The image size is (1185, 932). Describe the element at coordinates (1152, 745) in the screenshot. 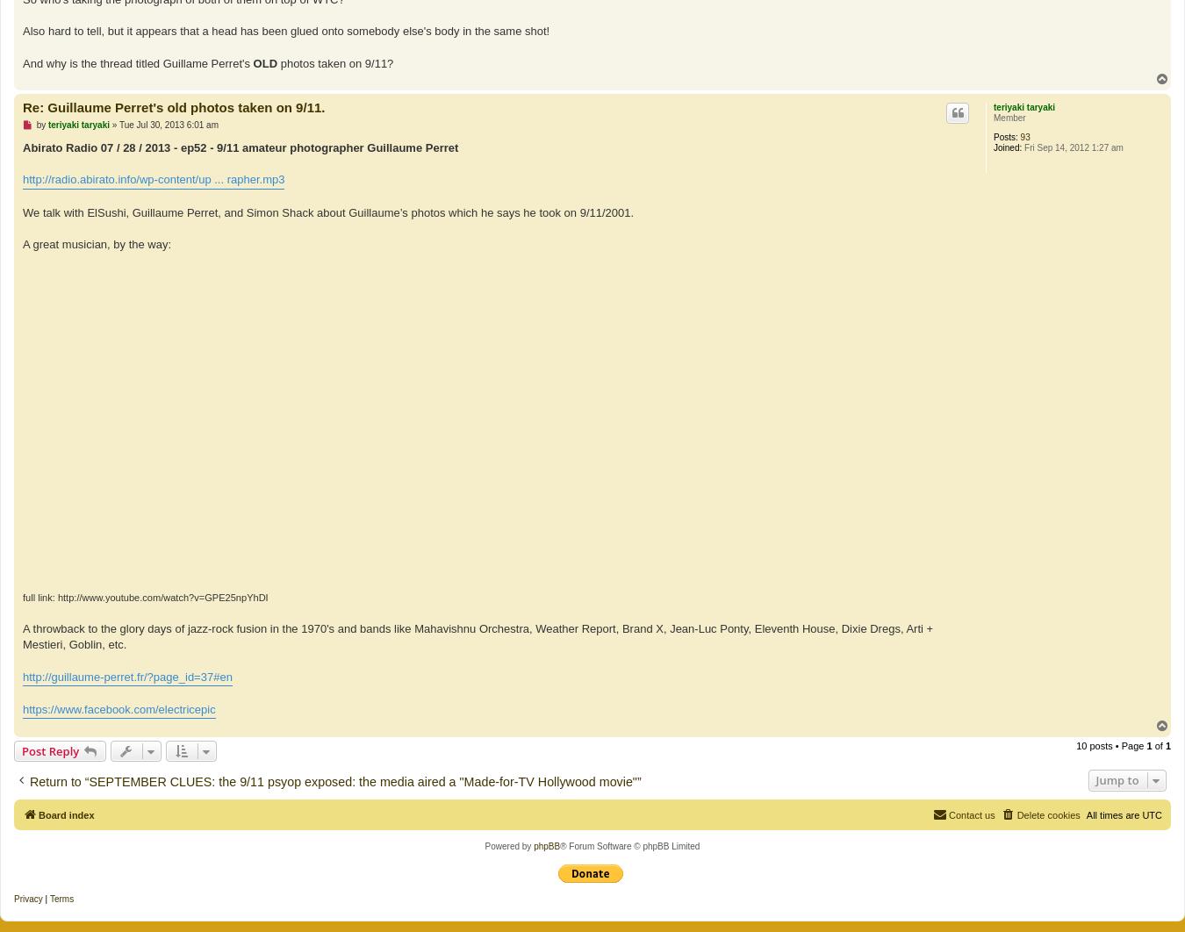

I see `'of'` at that location.